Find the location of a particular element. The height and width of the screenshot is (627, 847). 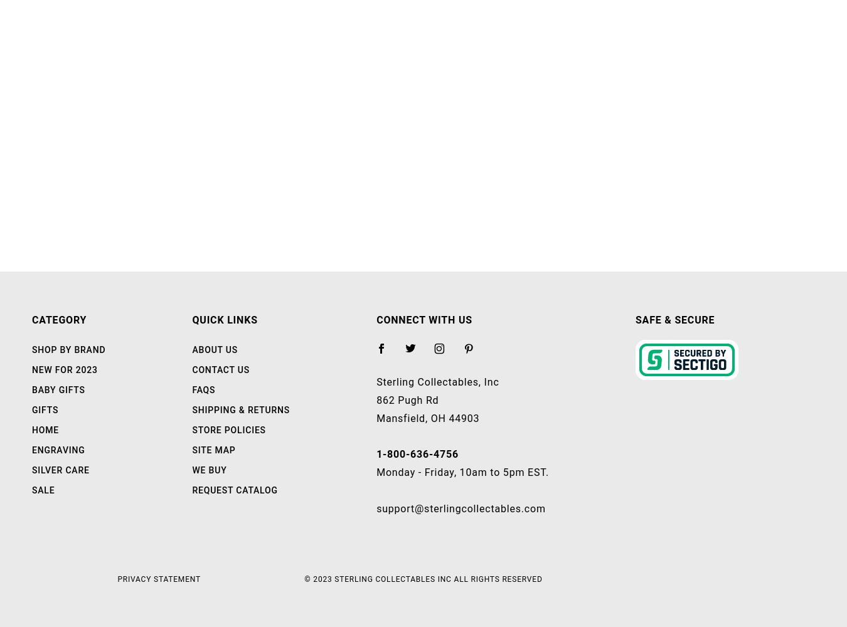

'Engraving' is located at coordinates (58, 450).